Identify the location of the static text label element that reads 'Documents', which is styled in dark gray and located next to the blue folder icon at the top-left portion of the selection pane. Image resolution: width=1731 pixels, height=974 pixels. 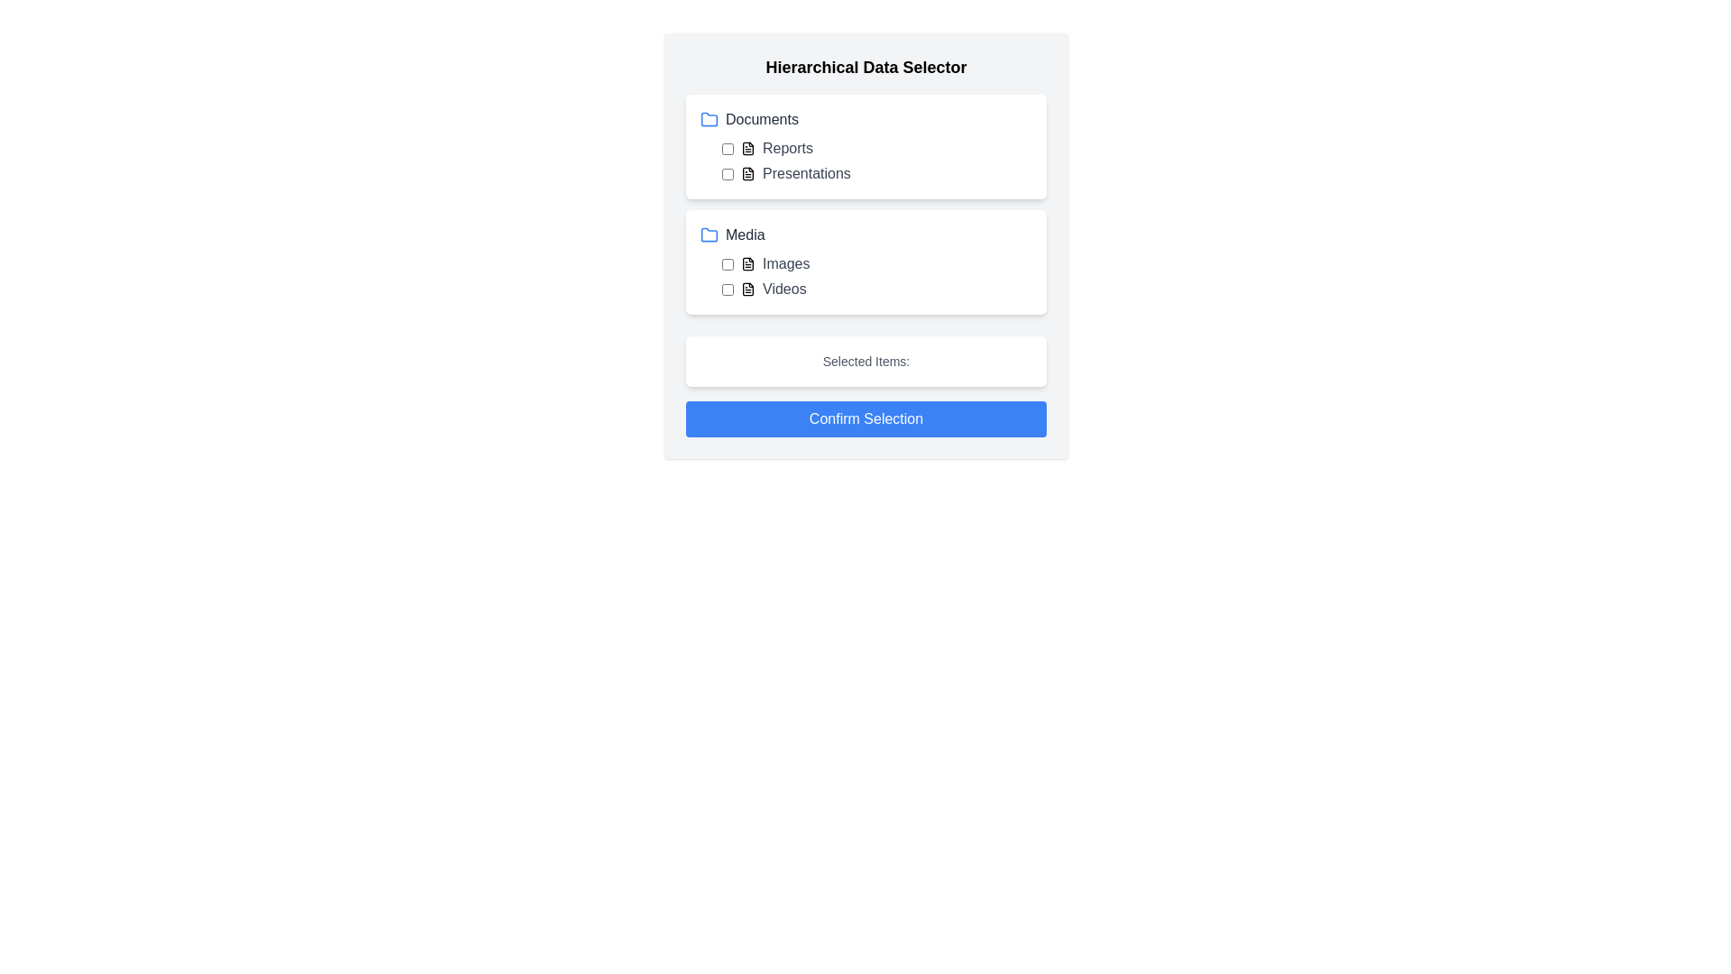
(762, 119).